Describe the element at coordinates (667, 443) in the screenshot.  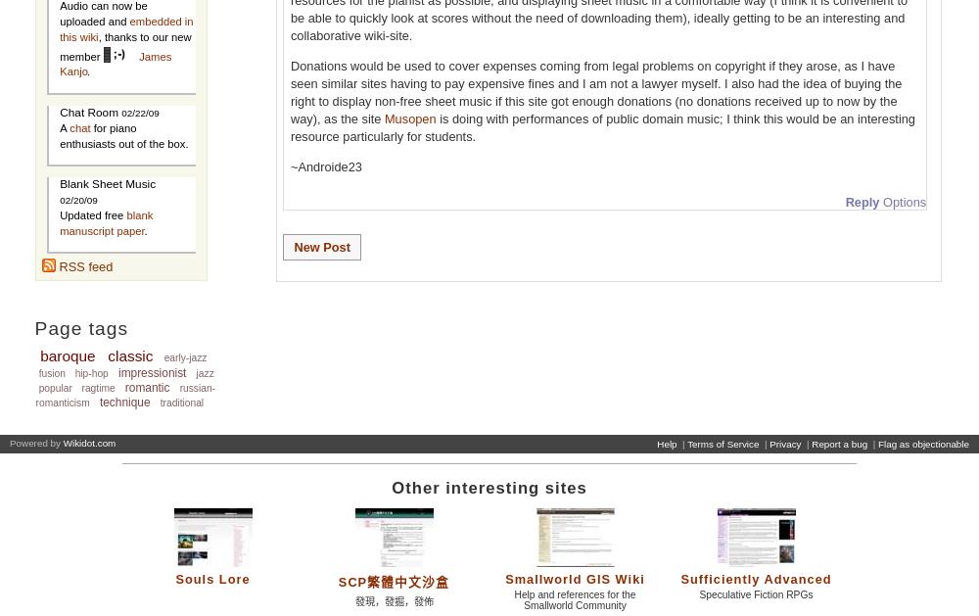
I see `'Help'` at that location.